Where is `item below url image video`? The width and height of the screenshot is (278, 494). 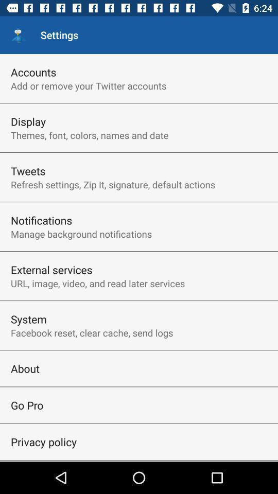 item below url image video is located at coordinates (28, 319).